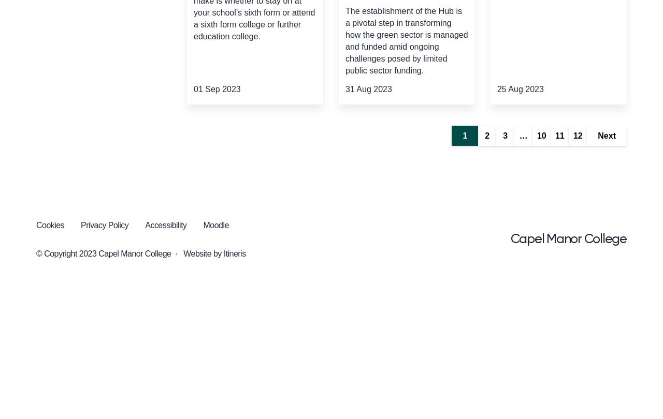 This screenshot has height=419, width=663. I want to click on 'The establishment of the Hub is a pivotal step in transforming how the green sector is managed and funded amid ongoing challenges posed by limited public sector funding.', so click(406, 40).